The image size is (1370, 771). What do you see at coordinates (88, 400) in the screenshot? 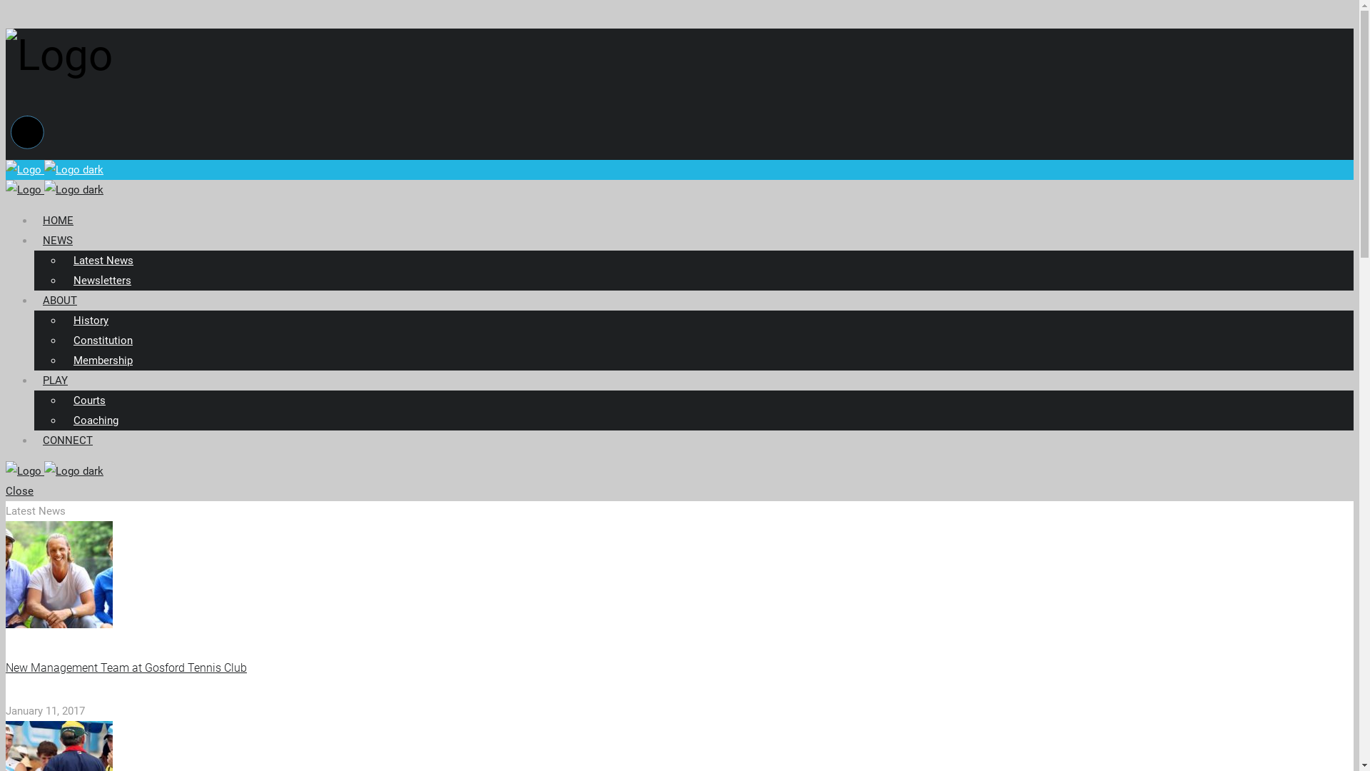
I see `'Courts'` at bounding box center [88, 400].